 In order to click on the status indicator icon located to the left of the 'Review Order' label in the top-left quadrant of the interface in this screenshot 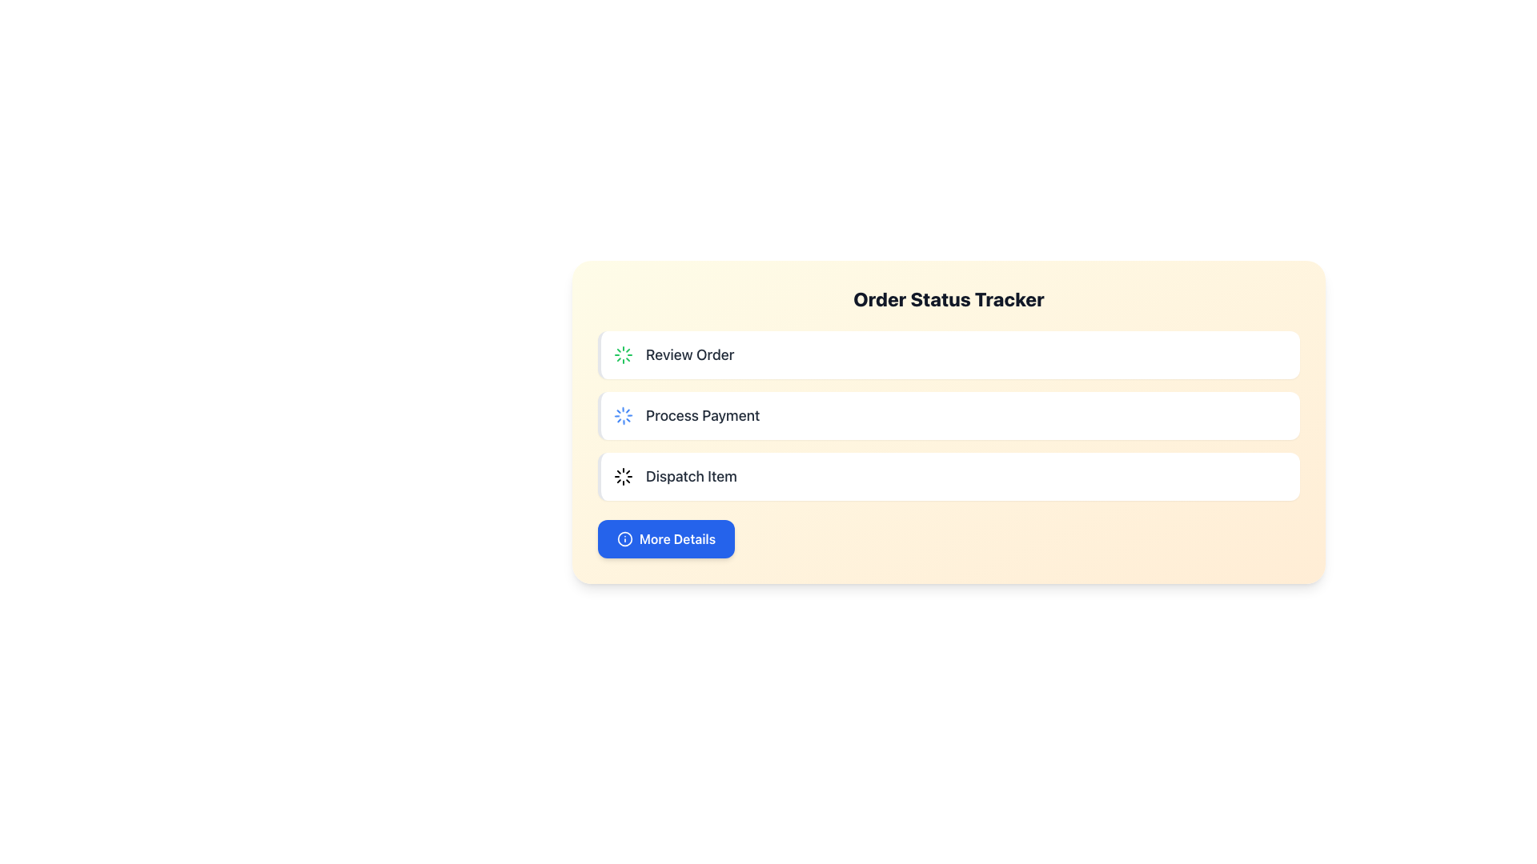, I will do `click(622, 354)`.